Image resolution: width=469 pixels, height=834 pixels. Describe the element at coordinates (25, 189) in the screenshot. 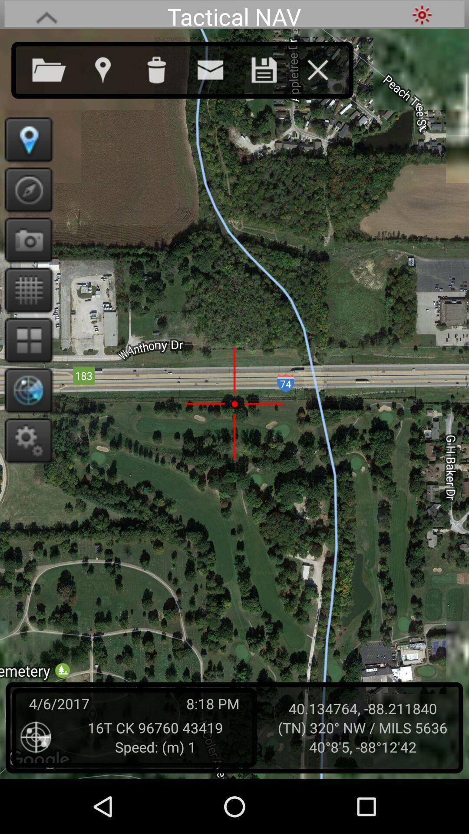

I see `locate option` at that location.